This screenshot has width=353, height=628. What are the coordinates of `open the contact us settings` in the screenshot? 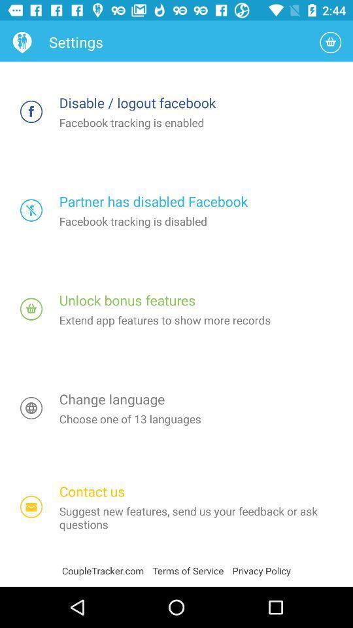 It's located at (31, 506).